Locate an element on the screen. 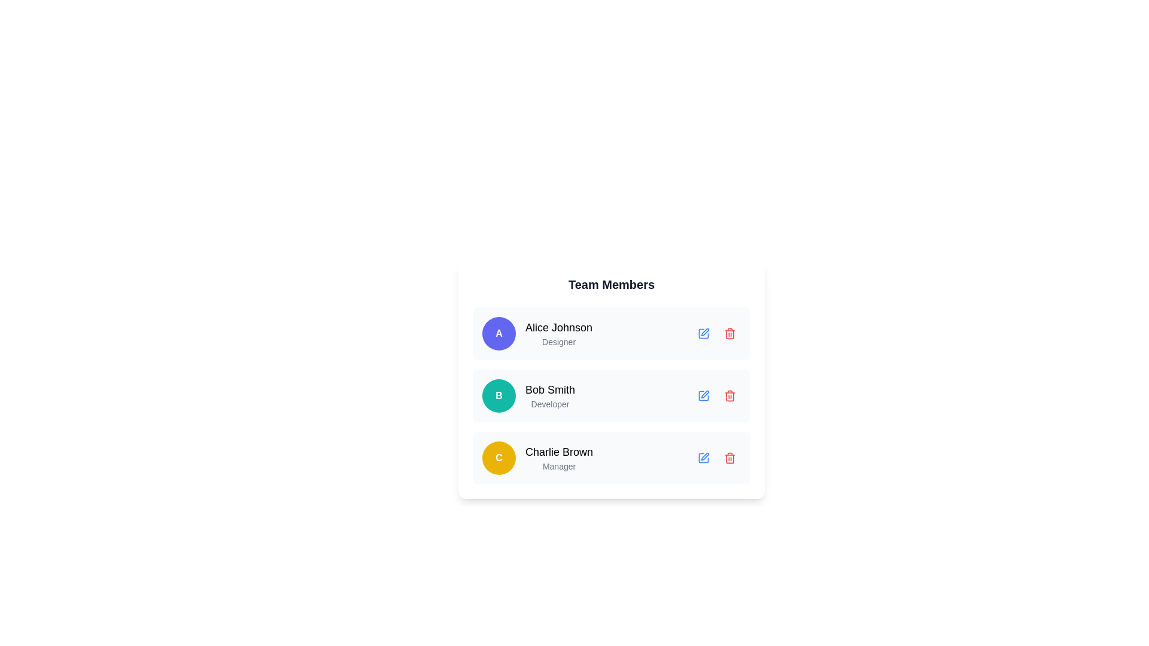  the action button for editing 'Bob Smith' in the 'Team Members' list is located at coordinates (704, 396).